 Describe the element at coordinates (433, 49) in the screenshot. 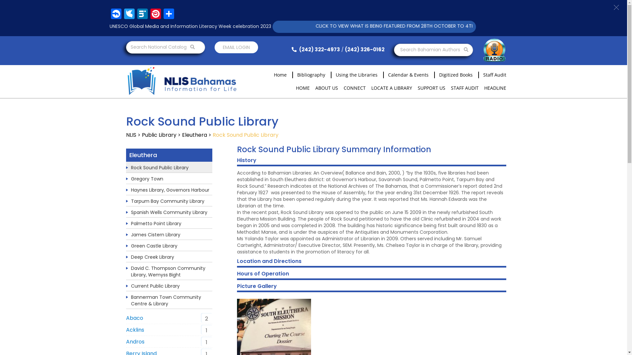

I see `'Search Bahamian Authors'` at that location.